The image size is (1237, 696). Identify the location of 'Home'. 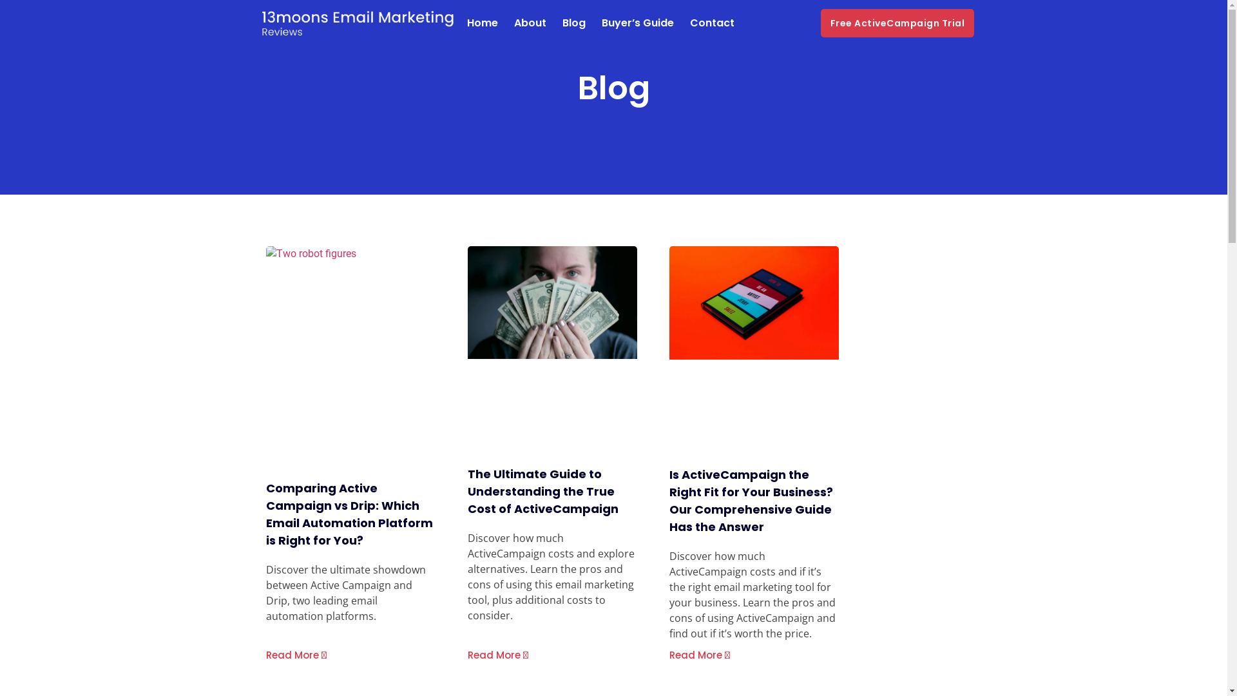
(481, 23).